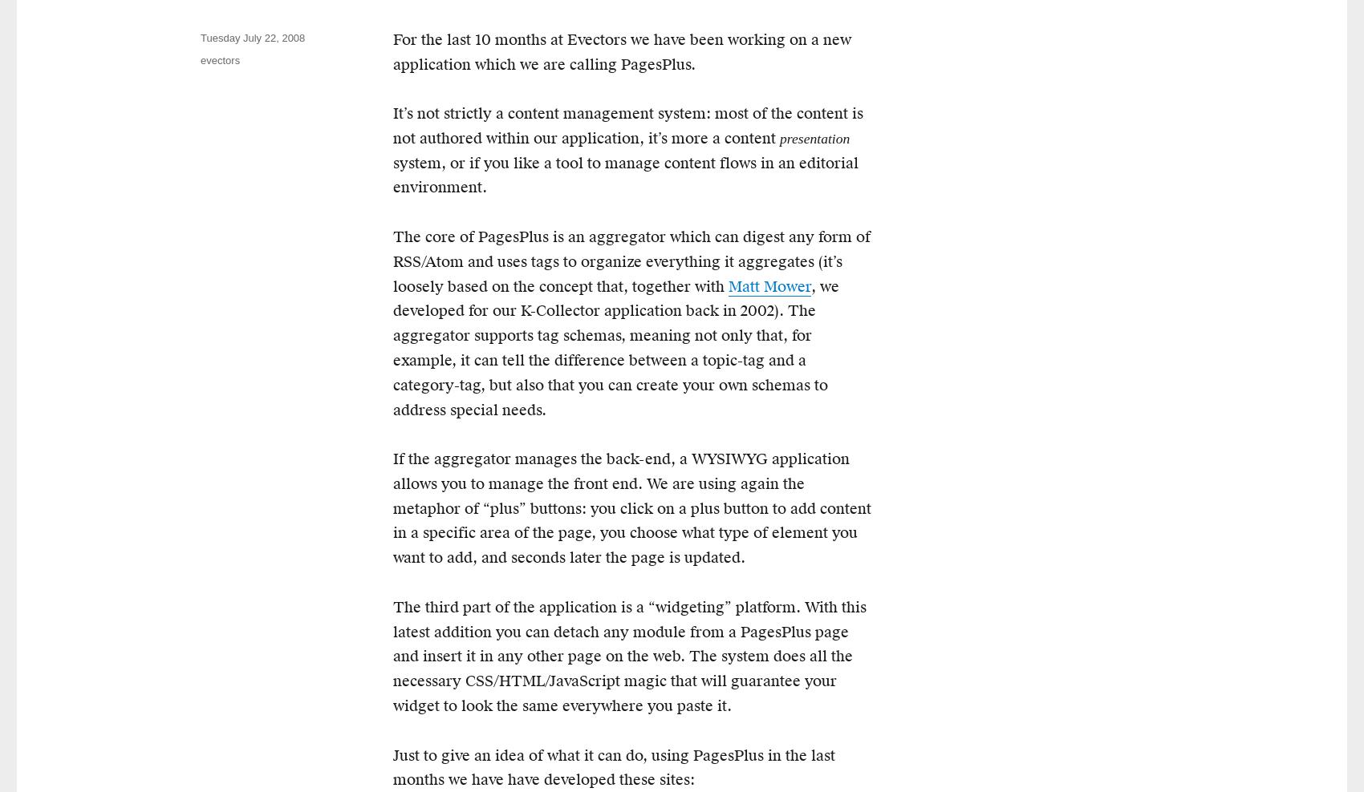 Image resolution: width=1364 pixels, height=792 pixels. What do you see at coordinates (779, 137) in the screenshot?
I see `'presentation'` at bounding box center [779, 137].